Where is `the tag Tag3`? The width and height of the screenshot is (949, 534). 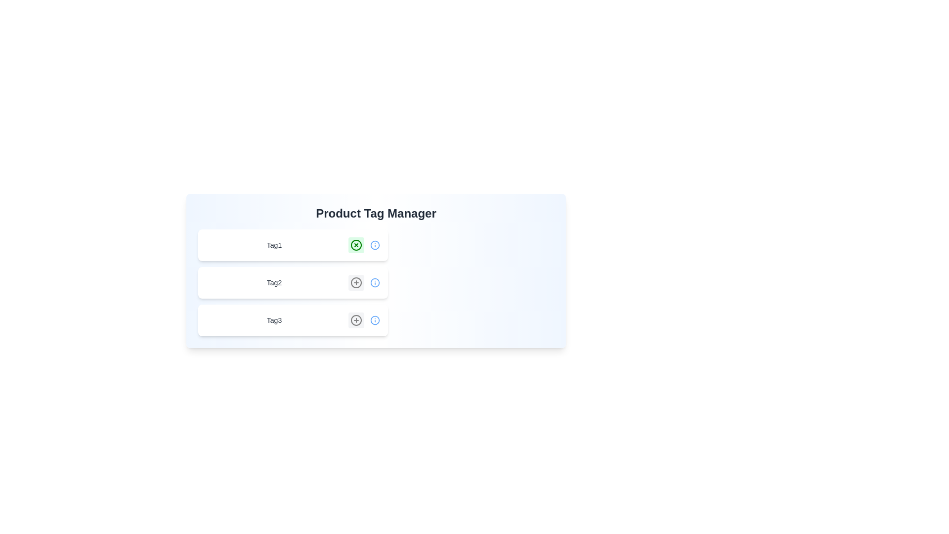 the tag Tag3 is located at coordinates (356, 320).